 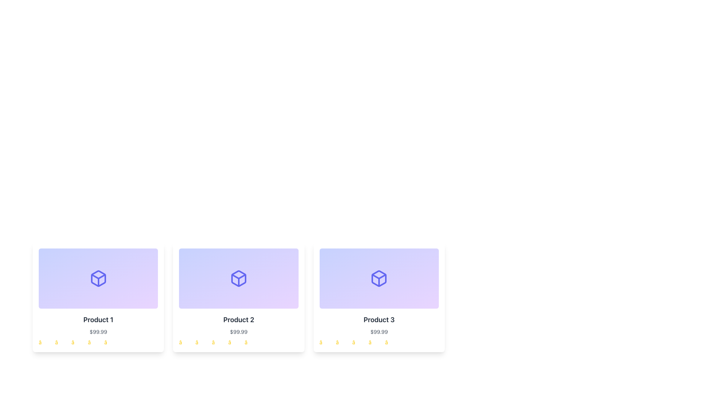 I want to click on the 3D geometric box icon with blue outlines located in the purple gradient section of the 'Product 1' card, so click(x=98, y=278).